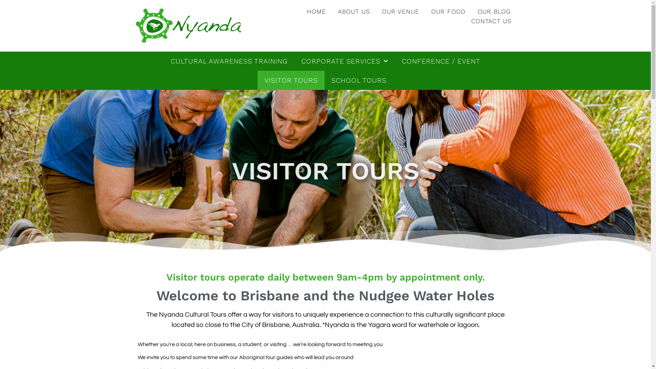 This screenshot has height=369, width=656. I want to click on 'CONFERENCE / EVENT', so click(441, 60).